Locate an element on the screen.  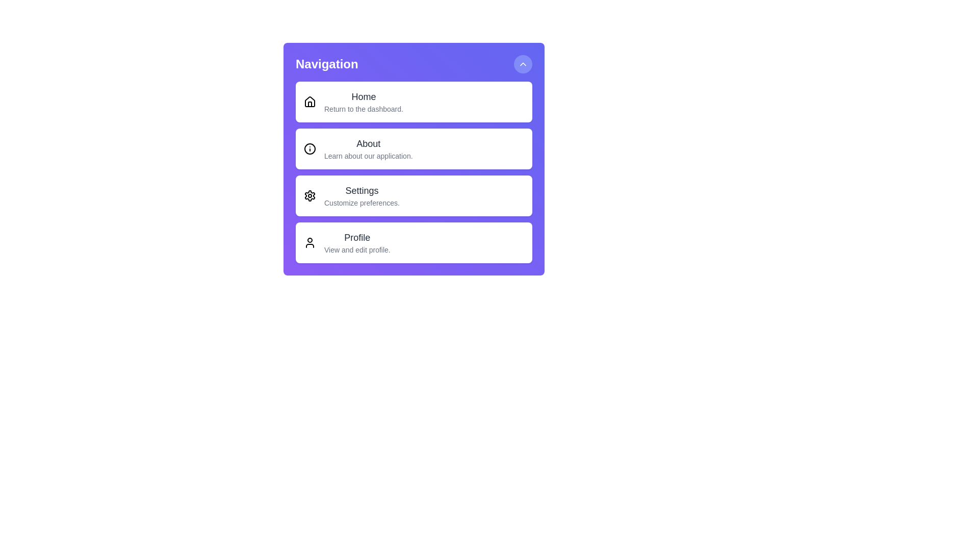
the menu option Home by clicking on it is located at coordinates (414, 102).